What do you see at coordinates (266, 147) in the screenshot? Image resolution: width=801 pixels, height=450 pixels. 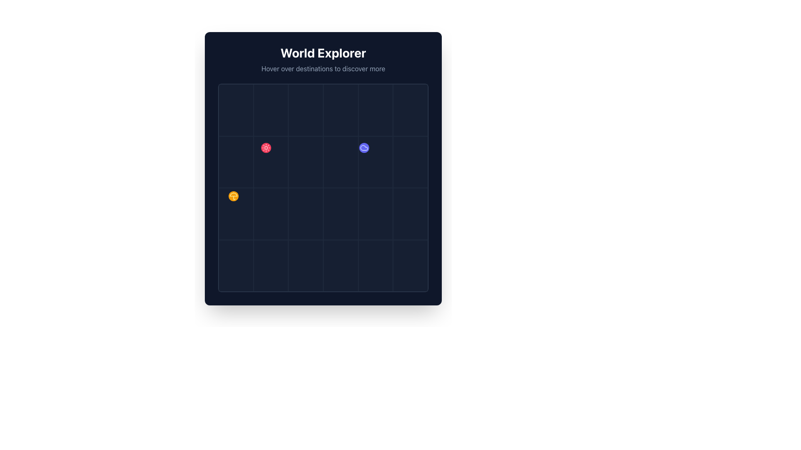 I see `the animated visual effect that highlights the rose-colored circle with the sun icon located in the central grid area of the main interactive map` at bounding box center [266, 147].